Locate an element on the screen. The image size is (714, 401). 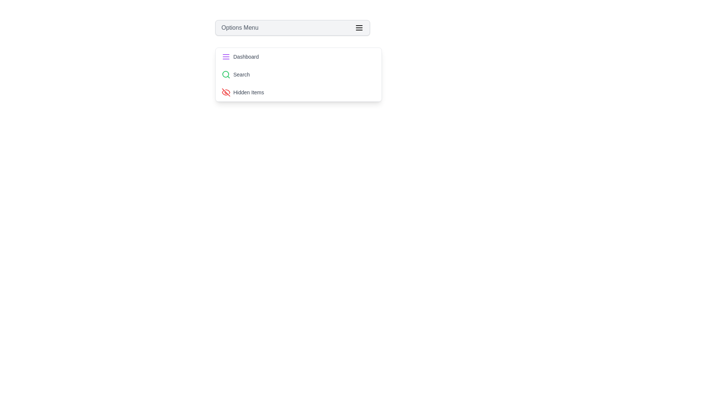
the red crossed-out eye icon that symbolizes hidden or obscured items, located to the left of the 'Hidden Items' label in the third option row is located at coordinates (225, 92).